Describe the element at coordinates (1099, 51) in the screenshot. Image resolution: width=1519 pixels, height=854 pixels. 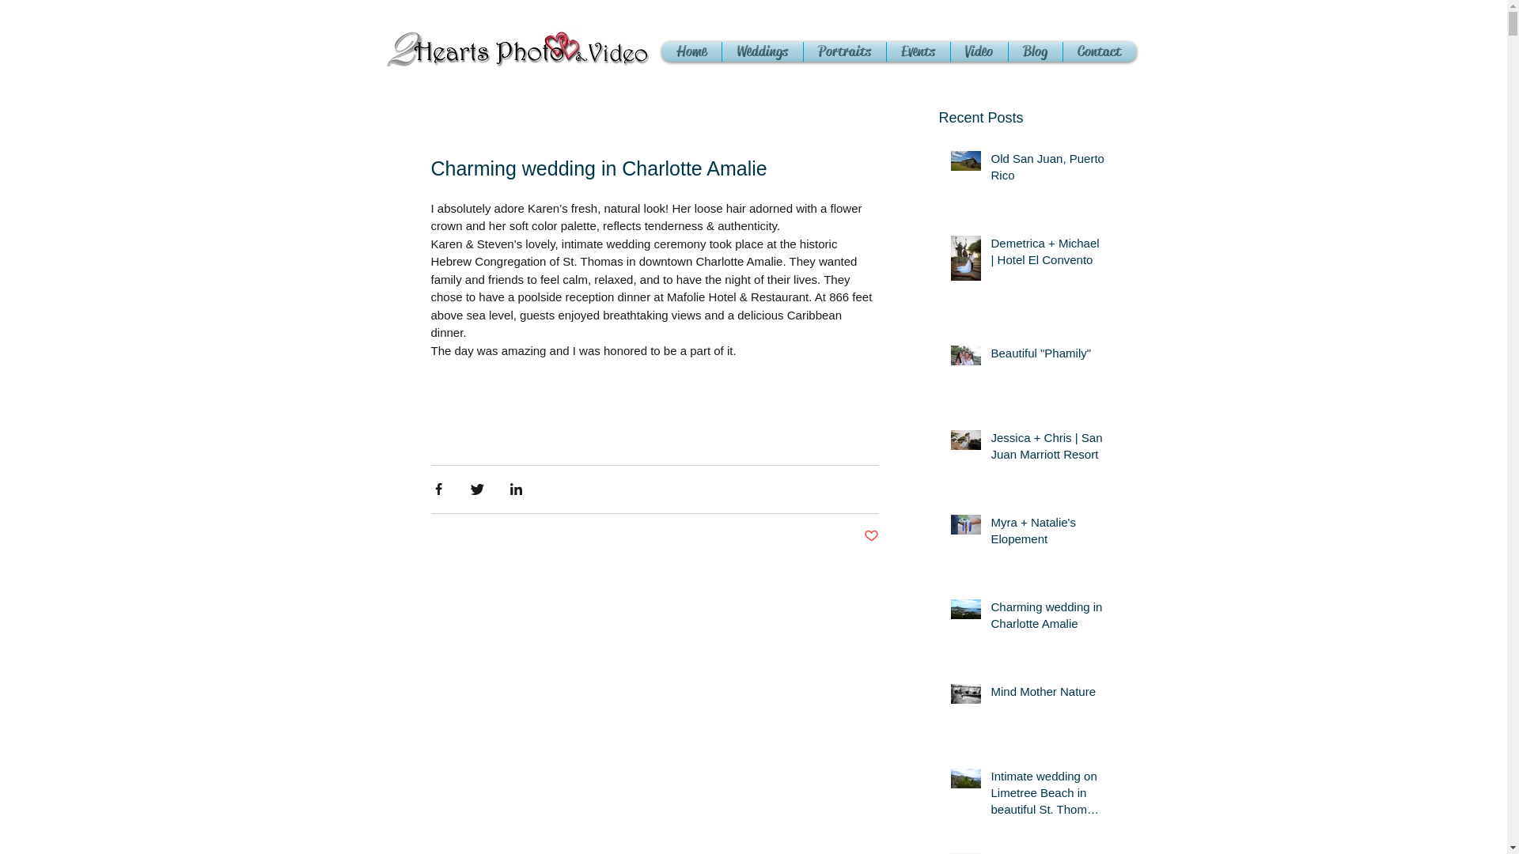
I see `'Contact'` at that location.